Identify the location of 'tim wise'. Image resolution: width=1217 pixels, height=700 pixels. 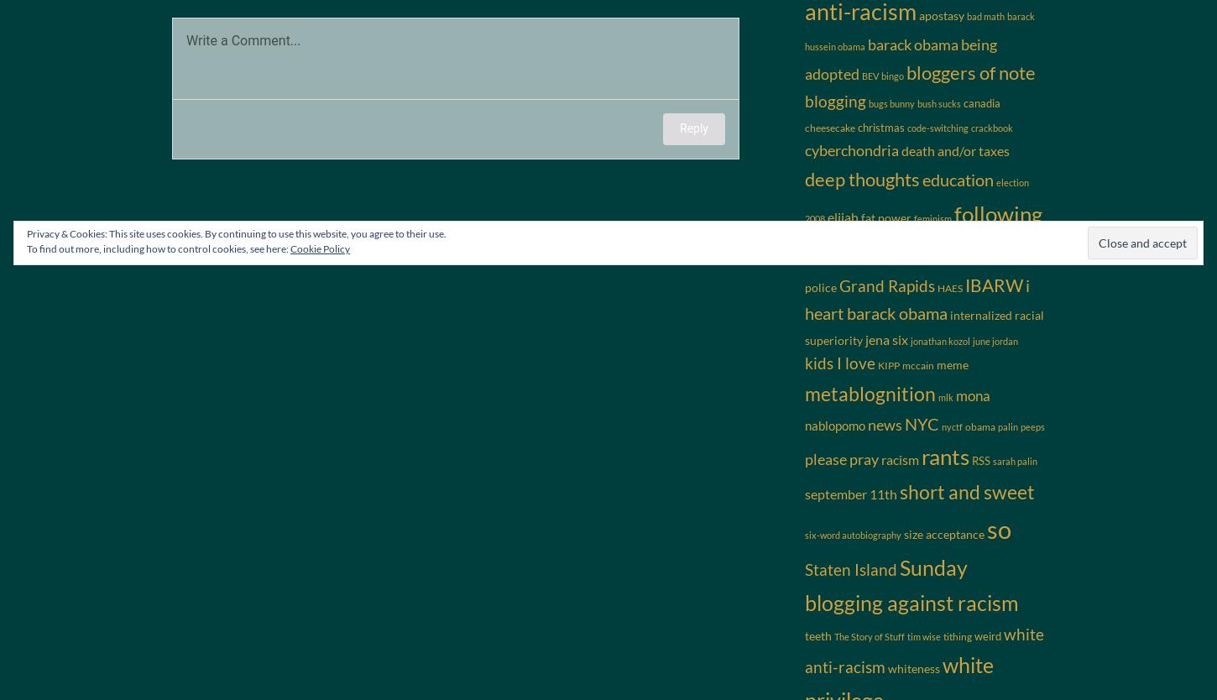
(922, 635).